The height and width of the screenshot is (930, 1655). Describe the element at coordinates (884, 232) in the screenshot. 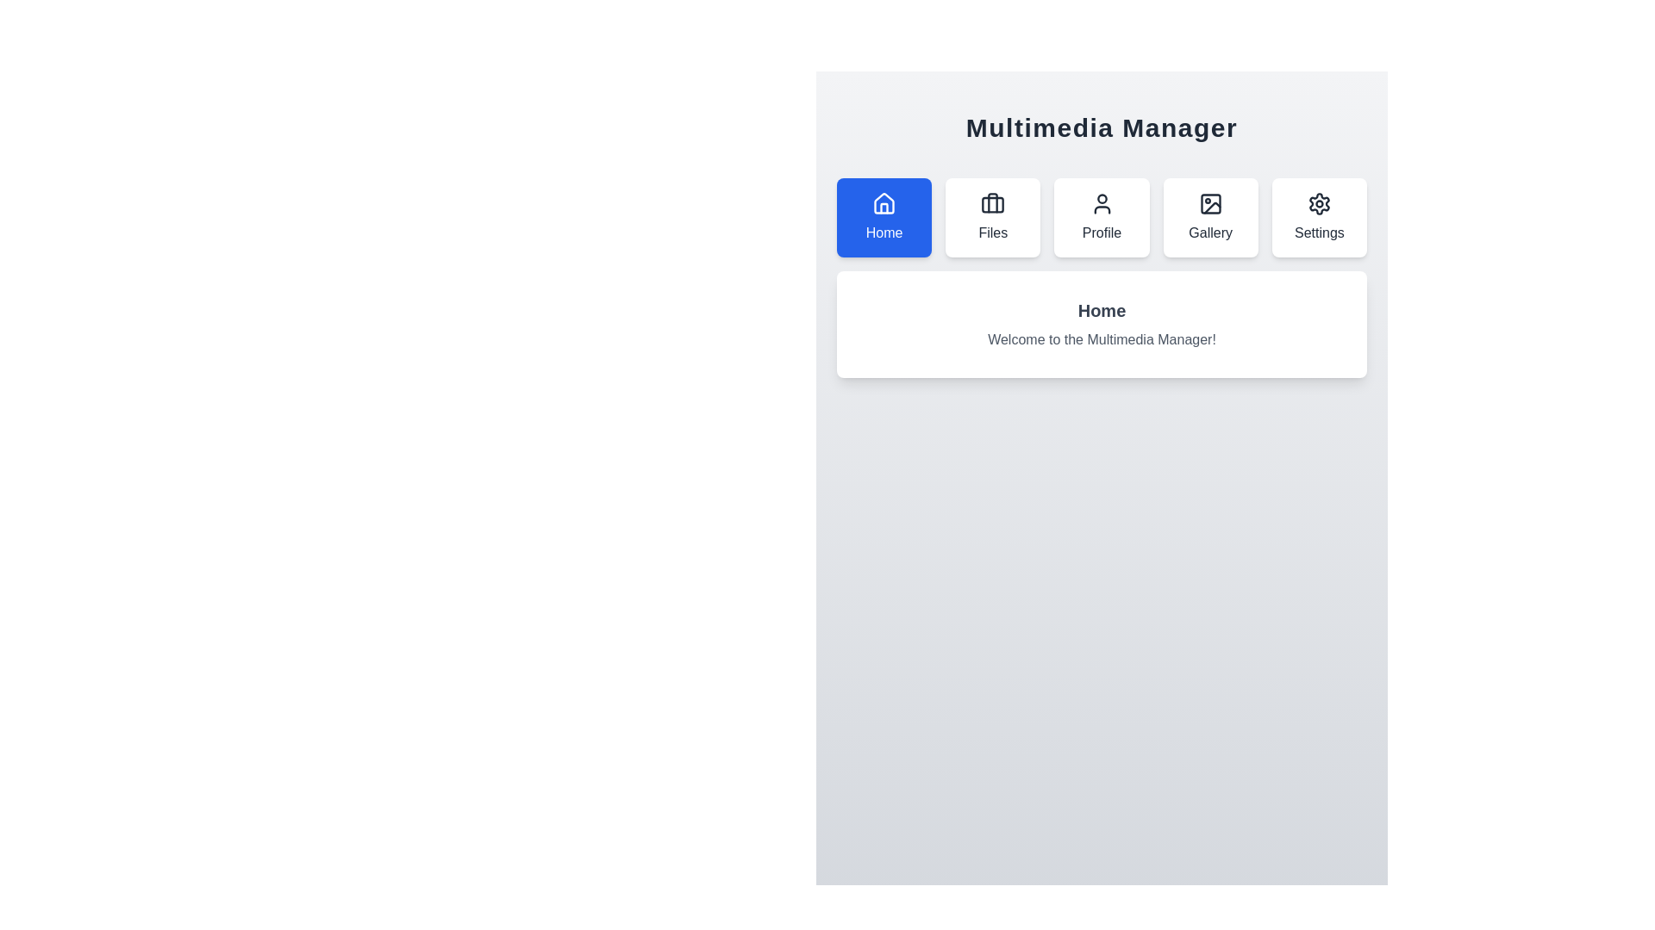

I see `text displayed on the 'Home' label, which is styled with a medium font weight and serves as a navigation option in the horizontal navigation bar` at that location.